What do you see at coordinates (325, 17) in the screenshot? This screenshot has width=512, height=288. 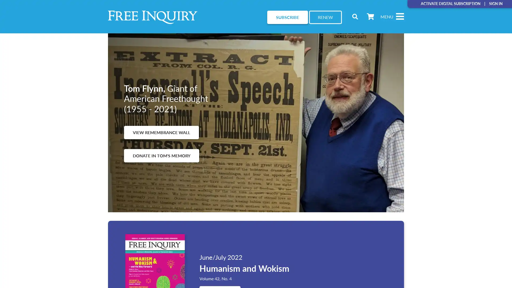 I see `RENEW` at bounding box center [325, 17].